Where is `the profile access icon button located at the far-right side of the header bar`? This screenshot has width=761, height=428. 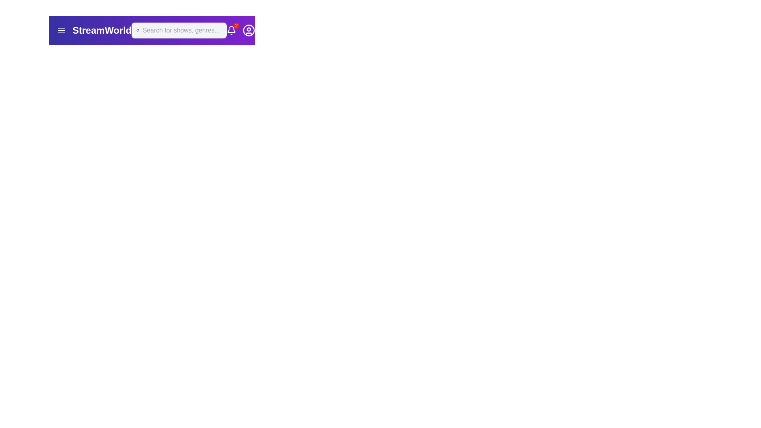
the profile access icon button located at the far-right side of the header bar is located at coordinates (248, 30).